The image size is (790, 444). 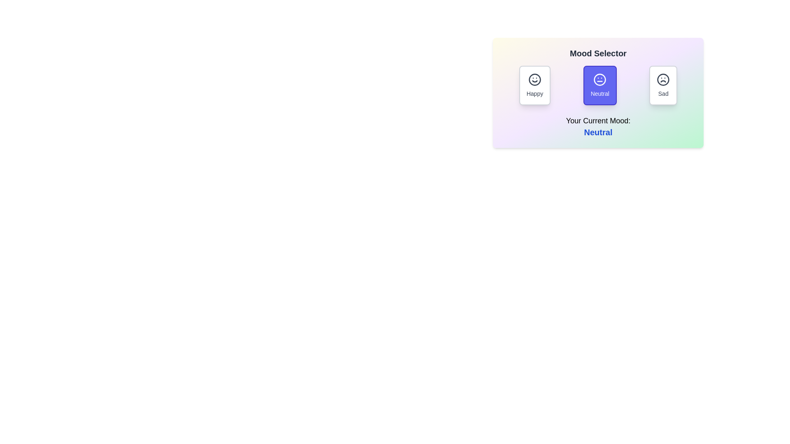 What do you see at coordinates (663, 93) in the screenshot?
I see `the 'Sad' text label in the 'Mood Selector' section, which displays the word 'Sad' in a light color and is positioned centrally below the sad face icon` at bounding box center [663, 93].